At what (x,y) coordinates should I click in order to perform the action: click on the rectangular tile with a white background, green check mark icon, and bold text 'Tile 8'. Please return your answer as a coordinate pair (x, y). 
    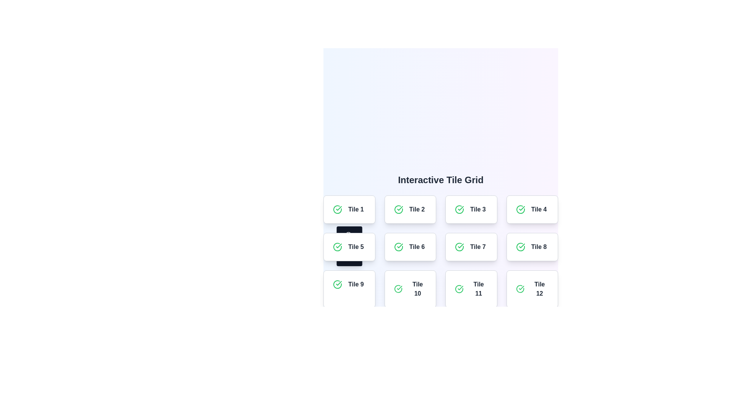
    Looking at the image, I should click on (532, 247).